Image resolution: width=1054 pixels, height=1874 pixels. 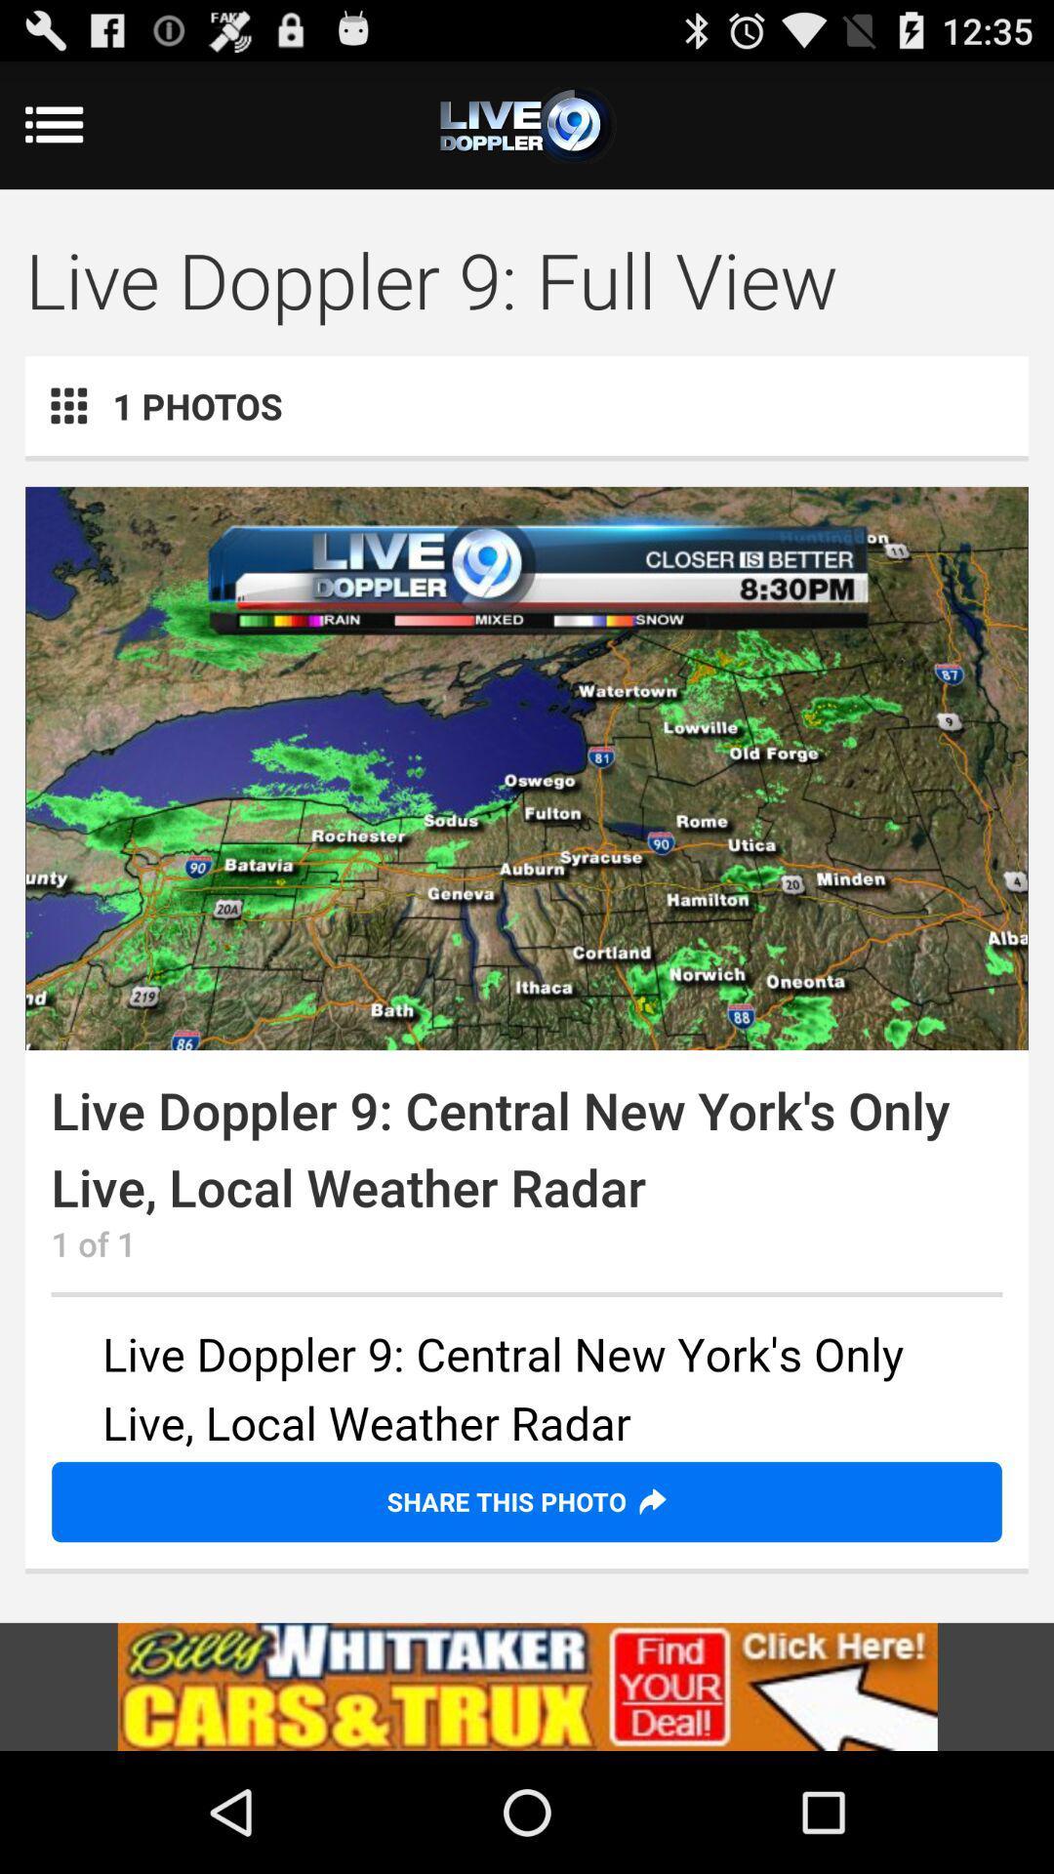 What do you see at coordinates (527, 124) in the screenshot?
I see `the add` at bounding box center [527, 124].